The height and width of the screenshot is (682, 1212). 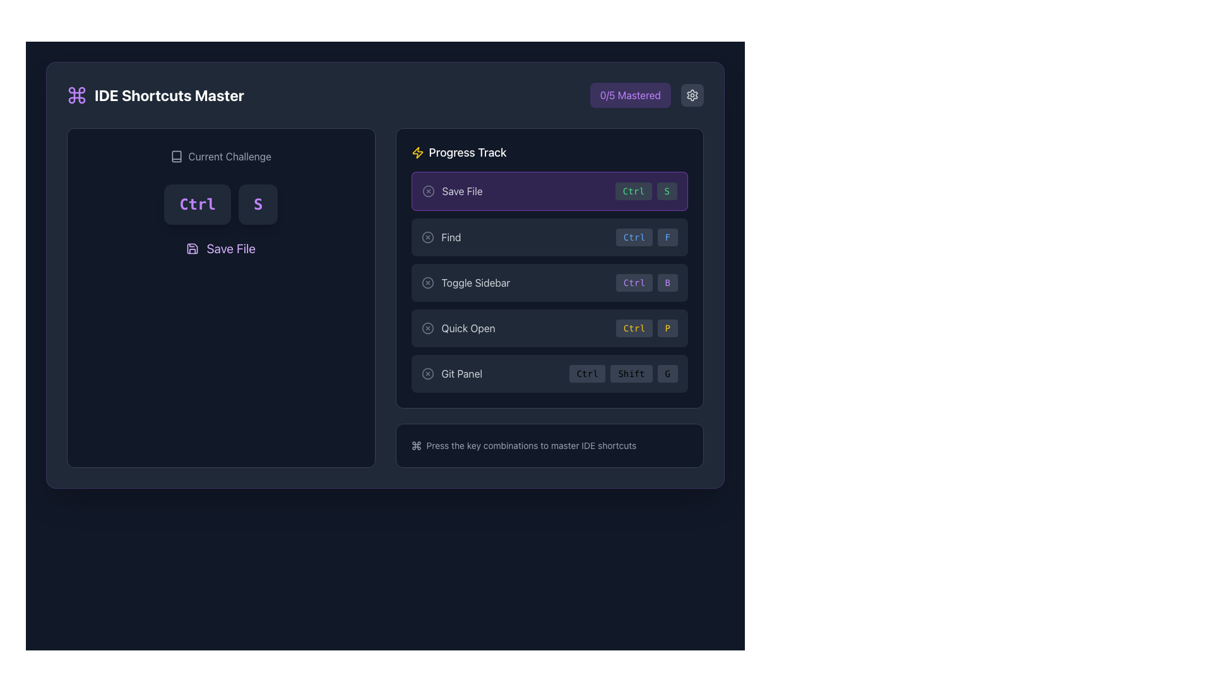 What do you see at coordinates (465, 282) in the screenshot?
I see `the third button in the 'Progress Track' list, which serves as a toggle for the sidebar` at bounding box center [465, 282].